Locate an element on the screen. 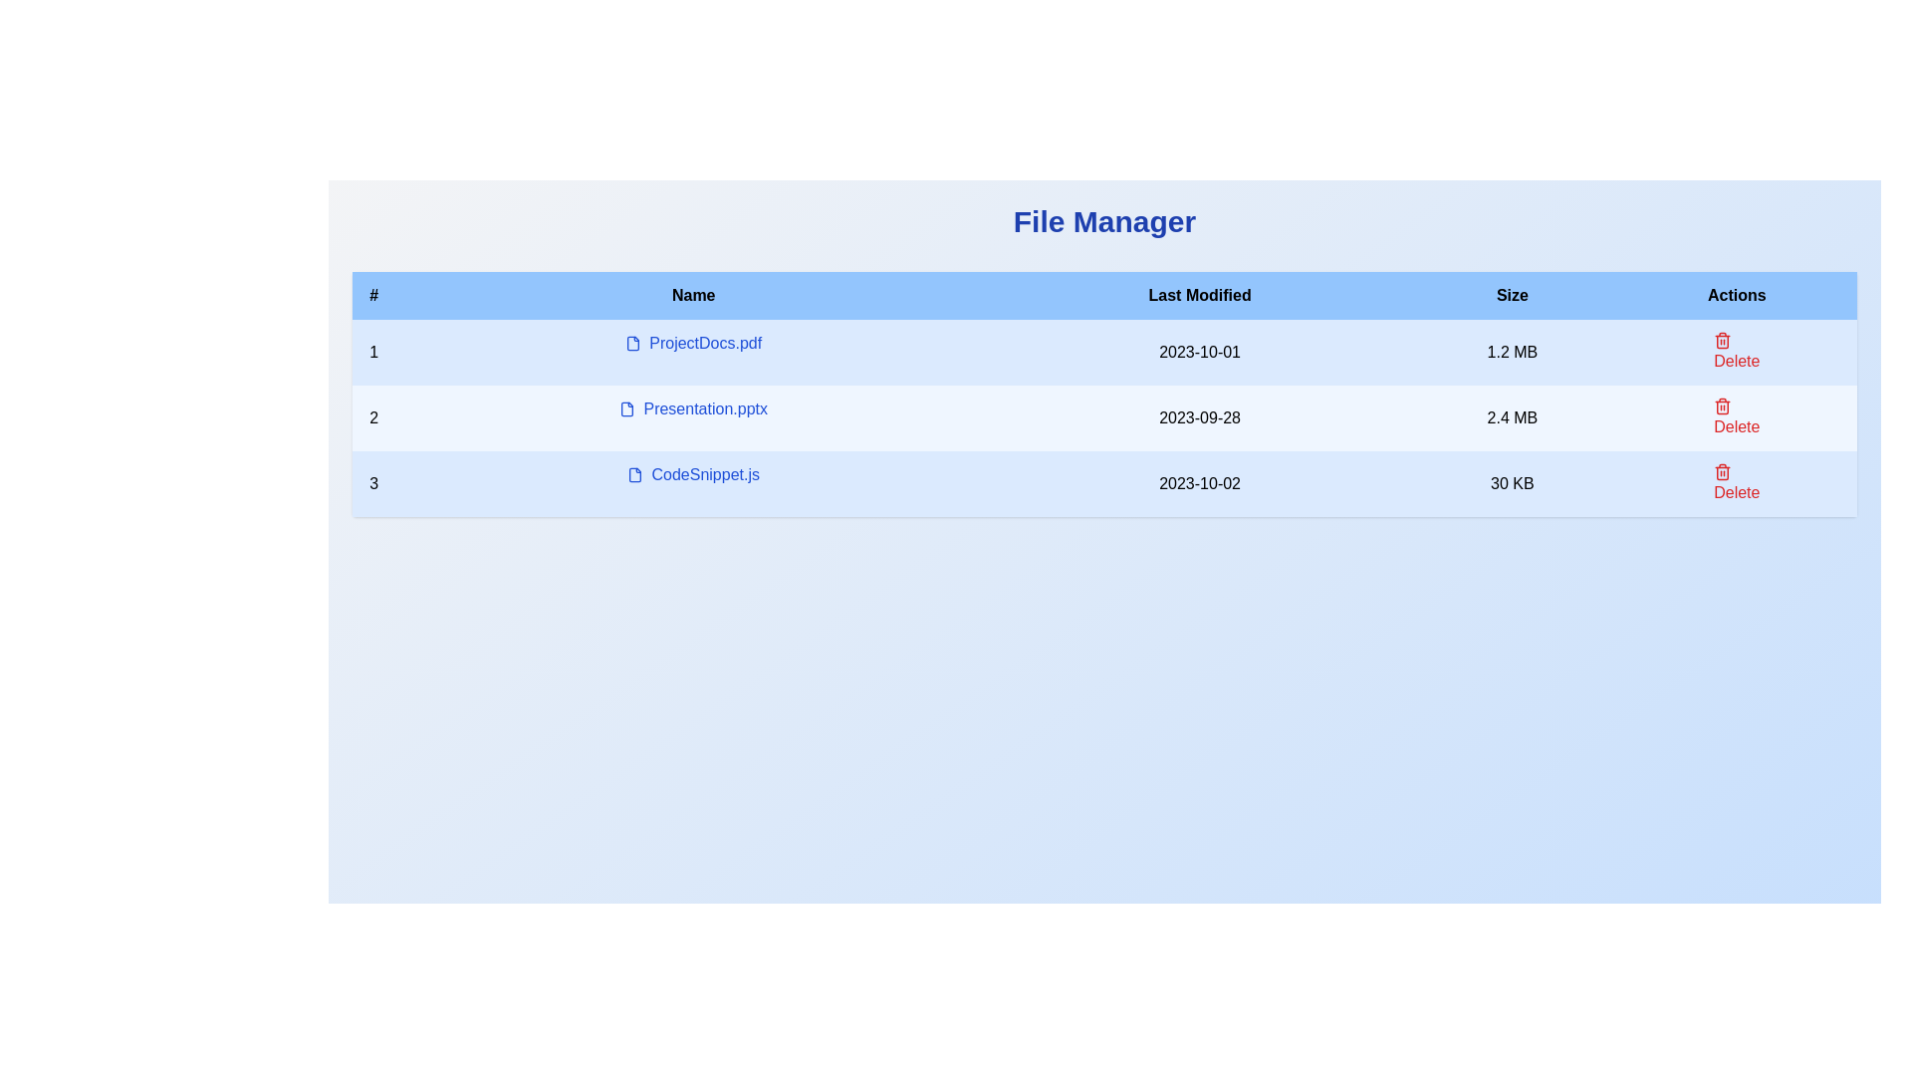  the Text Label that provides a numerical identifier for the first row in the table structure, which is adjacent to the file name 'ProjectDocs.pdf' is located at coordinates (373, 352).